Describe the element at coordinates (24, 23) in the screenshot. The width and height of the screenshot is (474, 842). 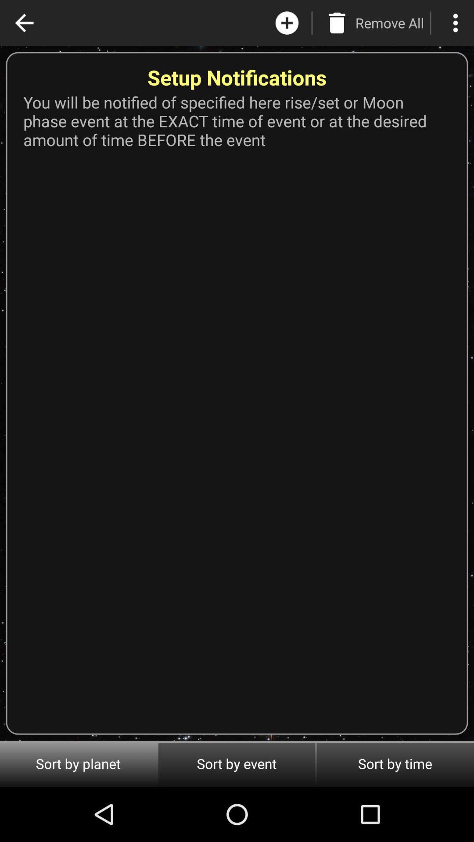
I see `item at the top left corner` at that location.